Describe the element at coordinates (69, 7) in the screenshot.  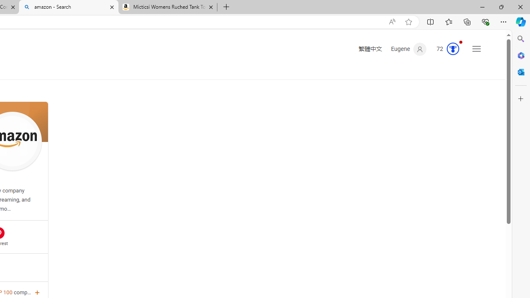
I see `'amazon - Search'` at that location.